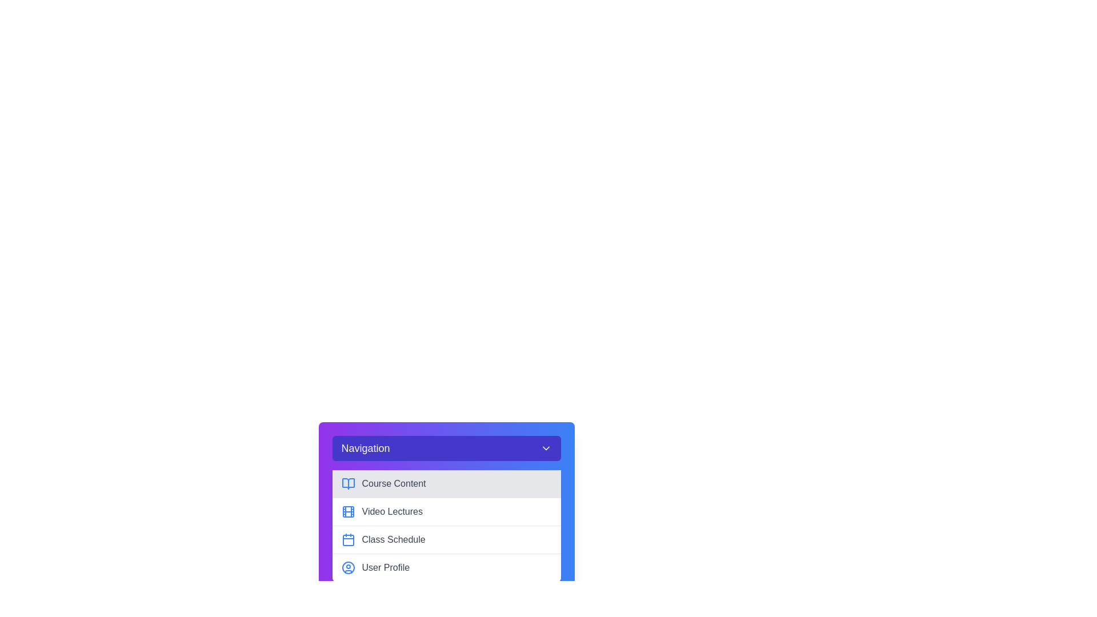 Image resolution: width=1097 pixels, height=617 pixels. Describe the element at coordinates (347, 540) in the screenshot. I see `the 'Class Schedule' SVG icon located to the left of the 'Class Schedule' text in the navigation menu, which is the third item in the list` at that location.